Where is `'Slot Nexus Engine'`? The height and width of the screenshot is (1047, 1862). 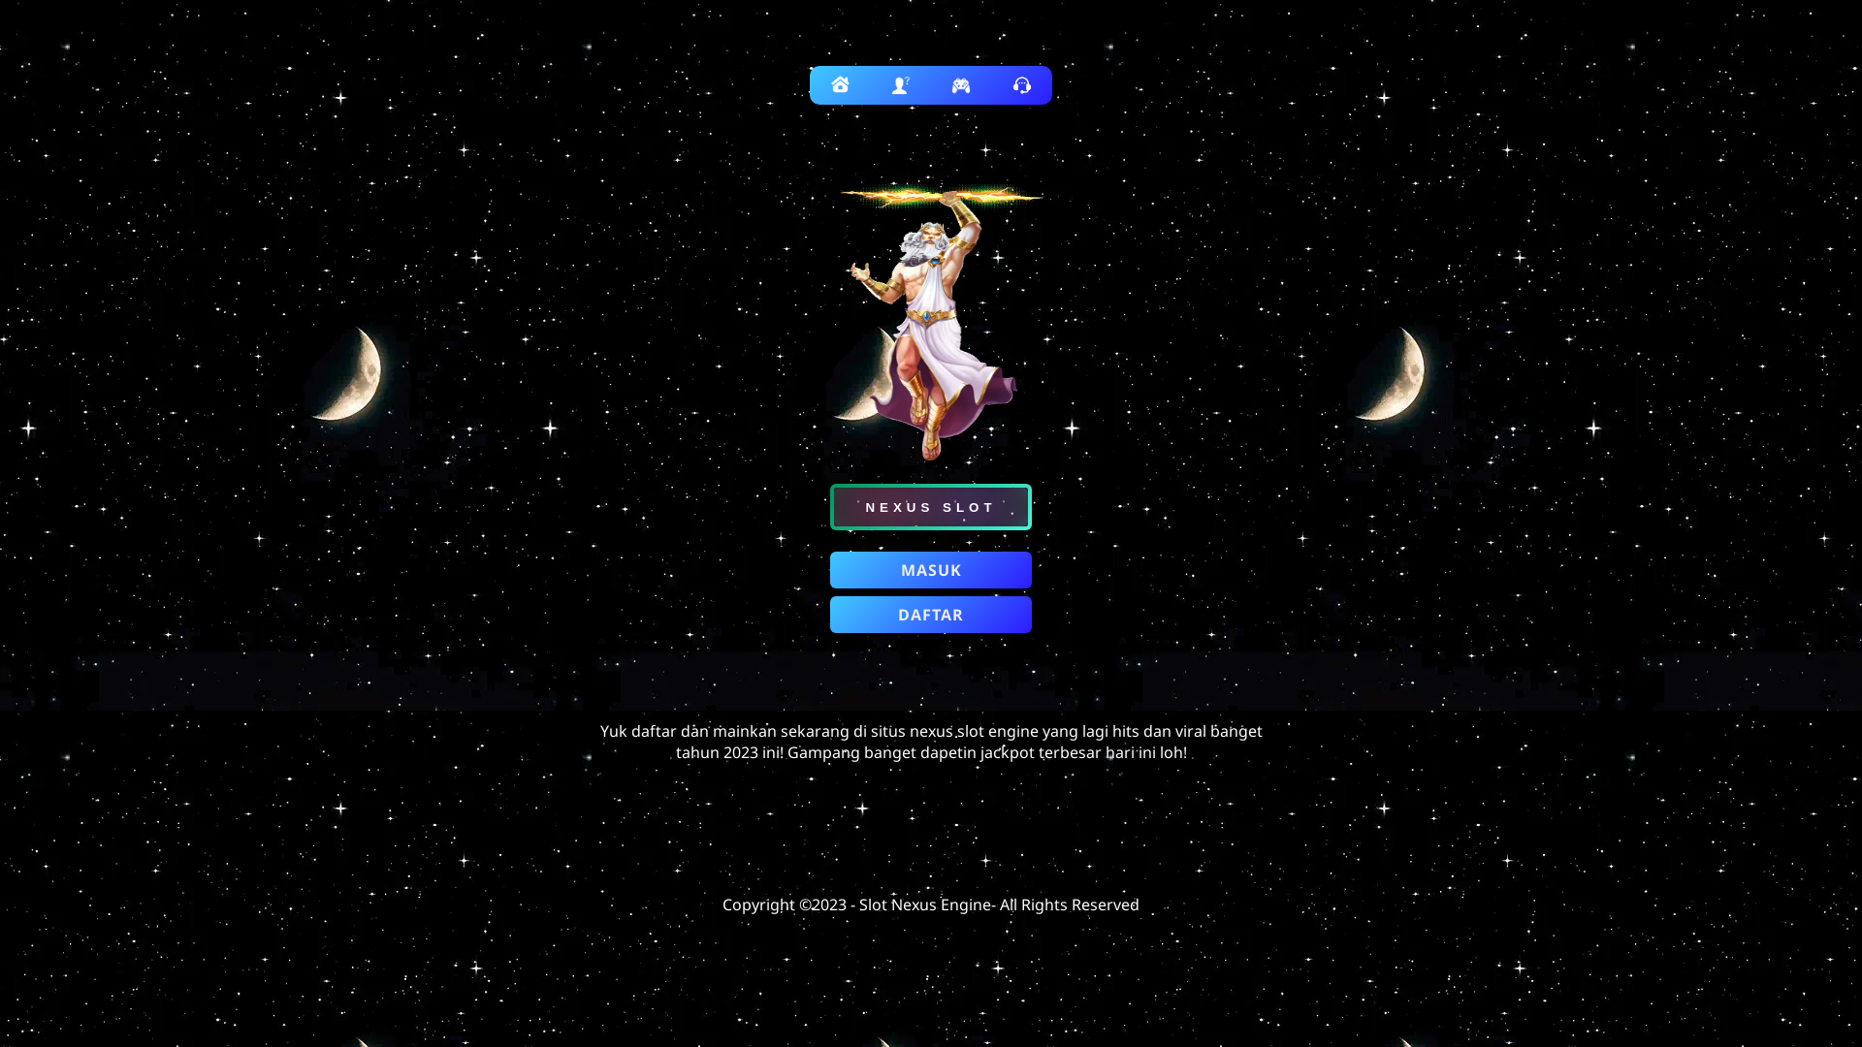
'Slot Nexus Engine' is located at coordinates (858, 904).